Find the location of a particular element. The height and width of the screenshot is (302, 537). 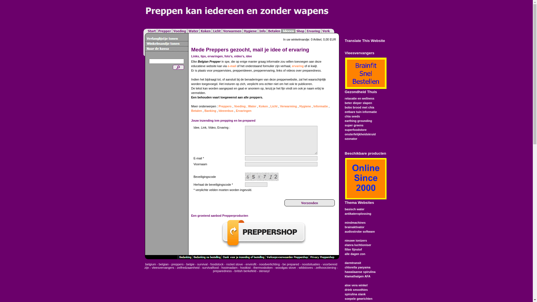

'basisch water' is located at coordinates (354, 209).